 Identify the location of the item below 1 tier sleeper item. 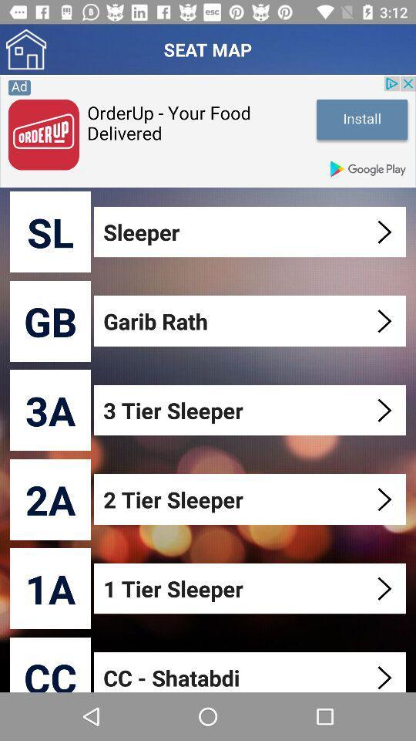
(251, 672).